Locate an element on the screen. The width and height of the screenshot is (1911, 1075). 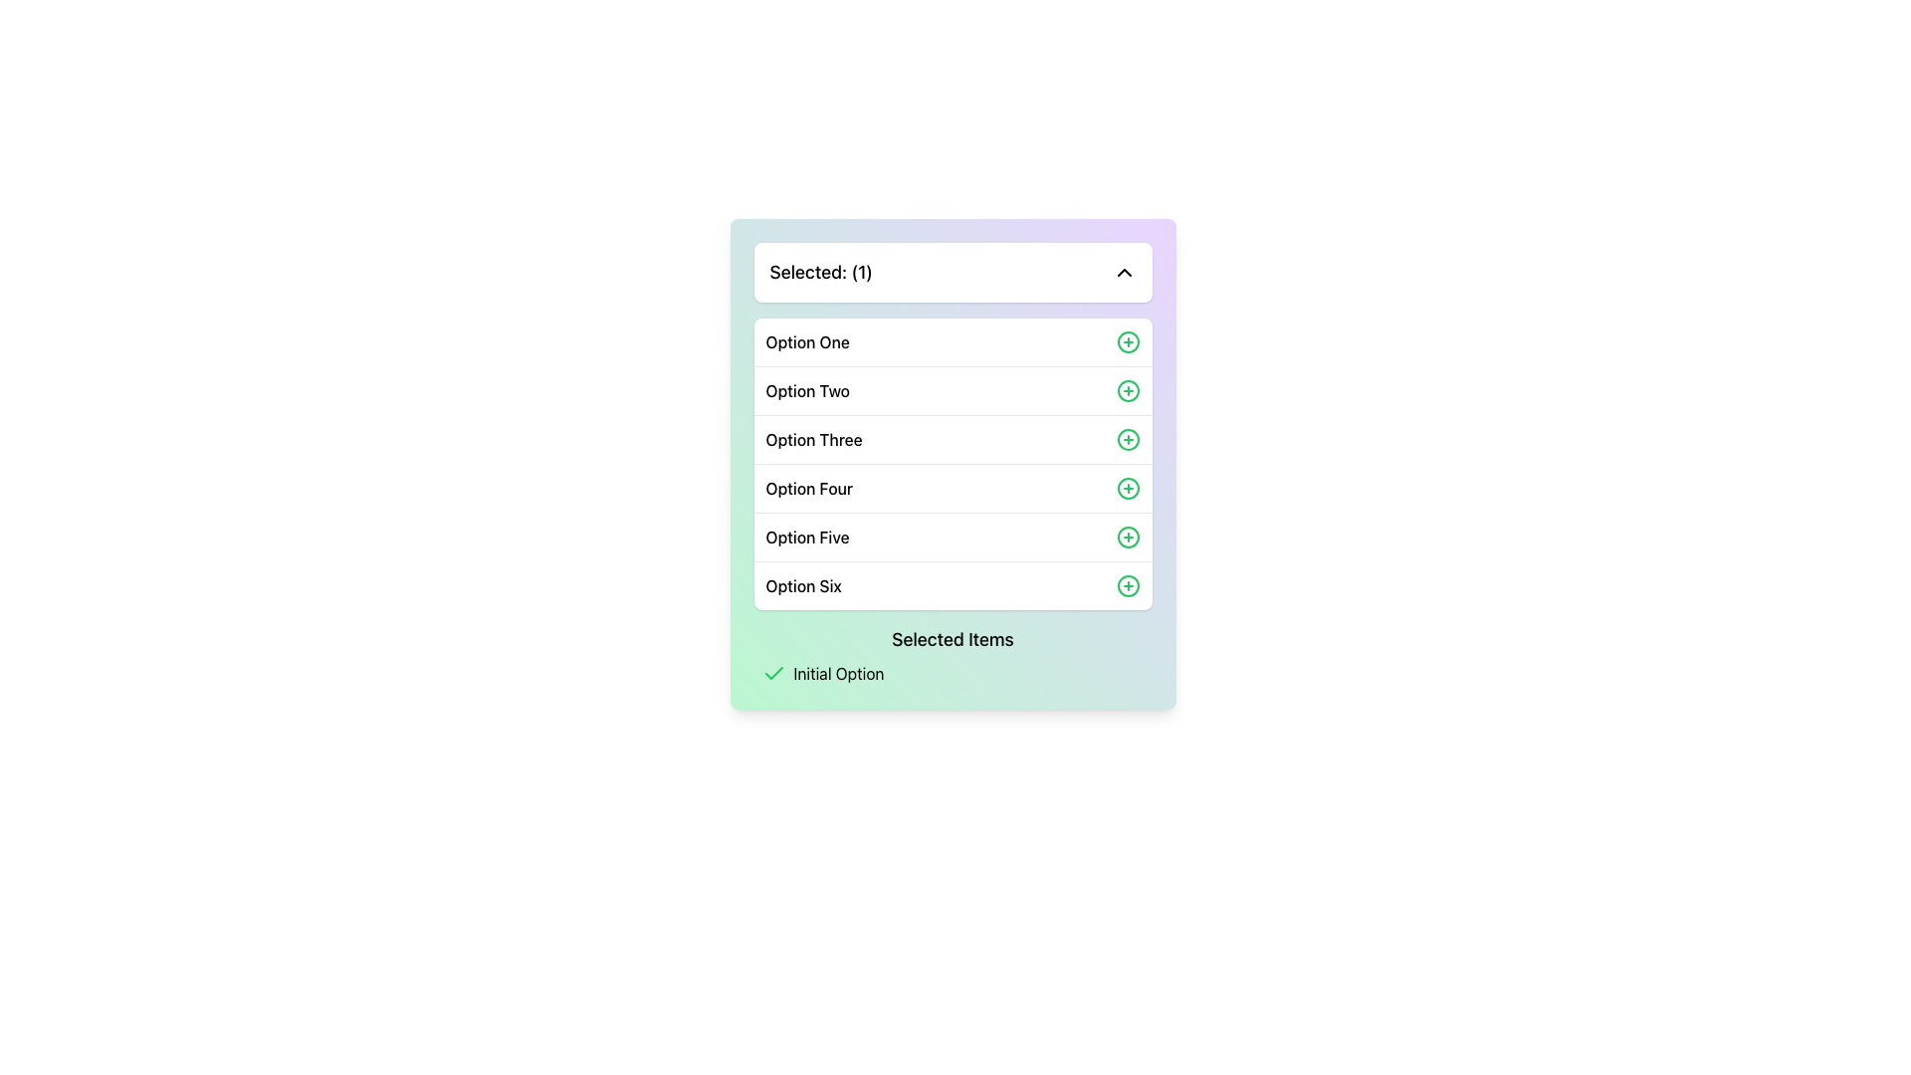
the green circular Action Button icon with a plus sign, located to the right of the 'Option Two' label in the vertically oriented list is located at coordinates (1128, 391).